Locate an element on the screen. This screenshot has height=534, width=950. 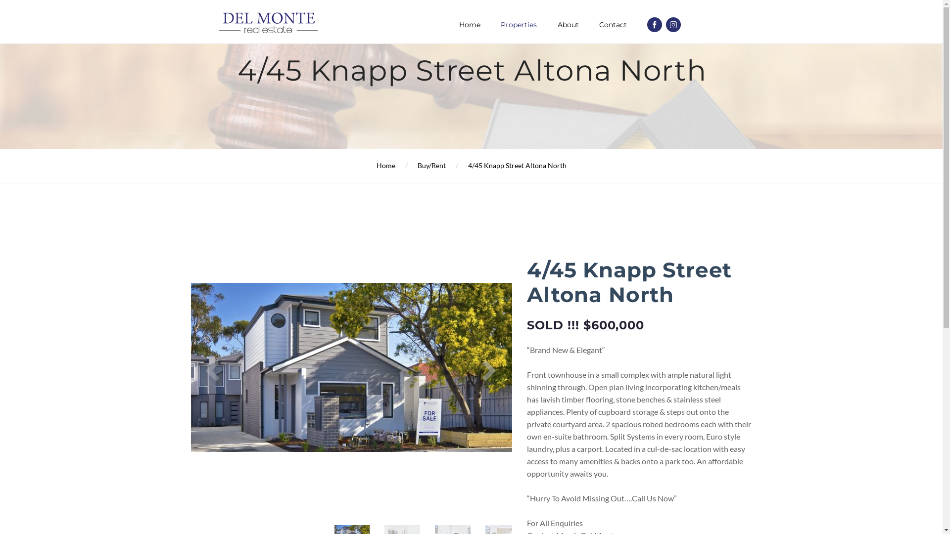
'Buy/Rent' is located at coordinates (431, 165).